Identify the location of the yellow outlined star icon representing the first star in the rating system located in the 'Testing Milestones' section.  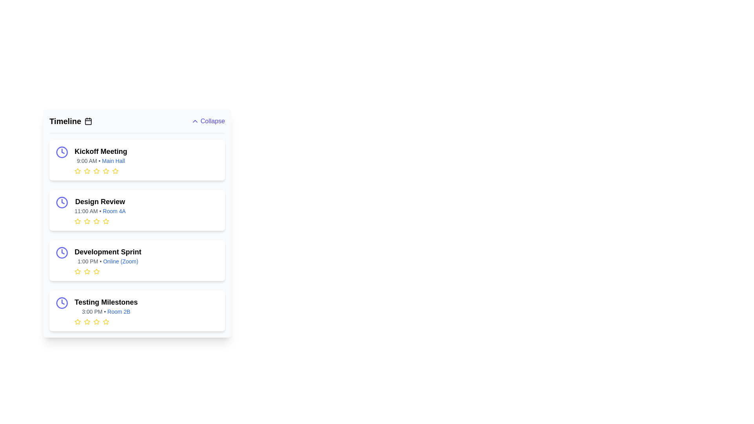
(77, 322).